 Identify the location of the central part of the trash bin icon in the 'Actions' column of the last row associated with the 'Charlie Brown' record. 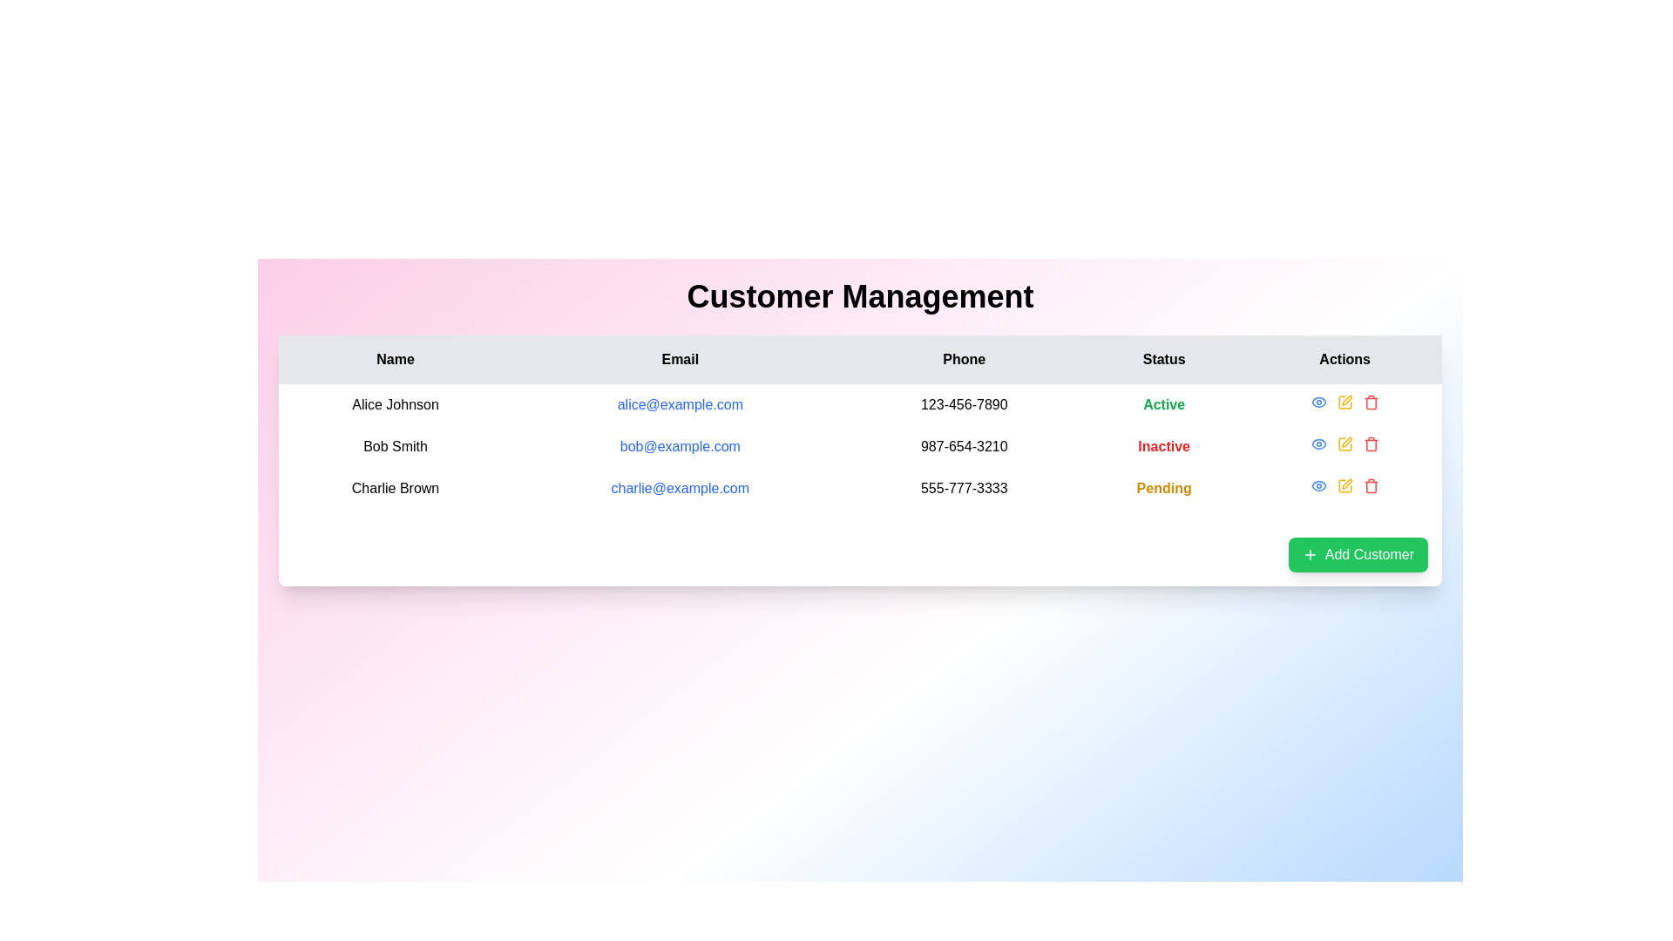
(1370, 487).